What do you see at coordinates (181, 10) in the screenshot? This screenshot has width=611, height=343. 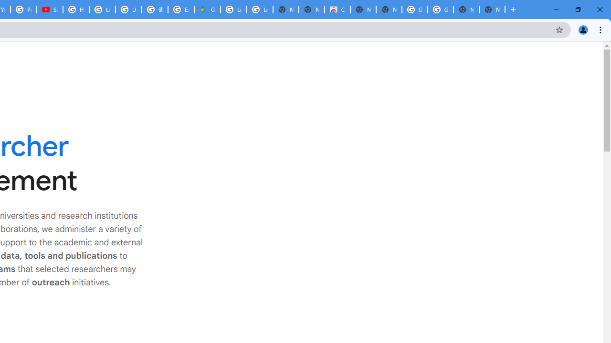 I see `'Explore new street-level details - Google Maps Help'` at bounding box center [181, 10].